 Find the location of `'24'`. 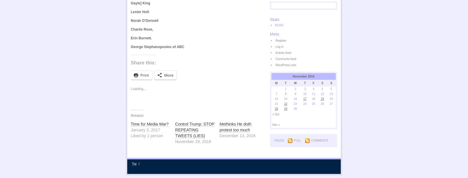

'24' is located at coordinates (305, 103).